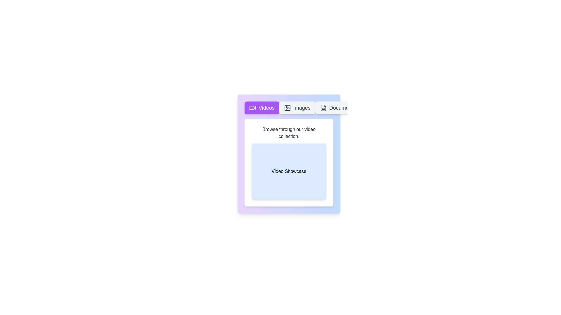 This screenshot has height=315, width=561. Describe the element at coordinates (289, 108) in the screenshot. I see `the second tab labeled 'Images' in the tab interface` at that location.